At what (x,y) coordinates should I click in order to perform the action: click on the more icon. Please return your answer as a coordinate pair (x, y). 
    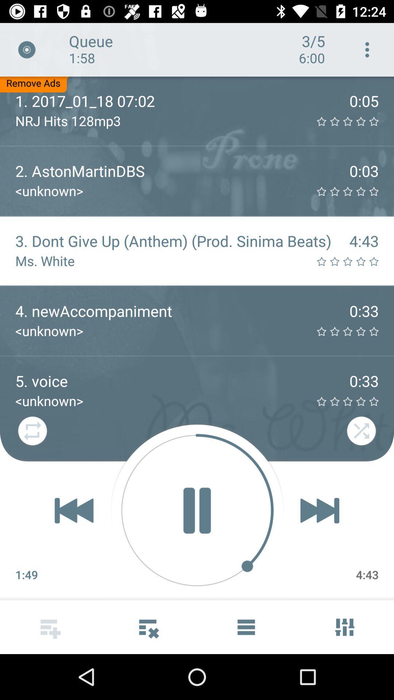
    Looking at the image, I should click on (367, 49).